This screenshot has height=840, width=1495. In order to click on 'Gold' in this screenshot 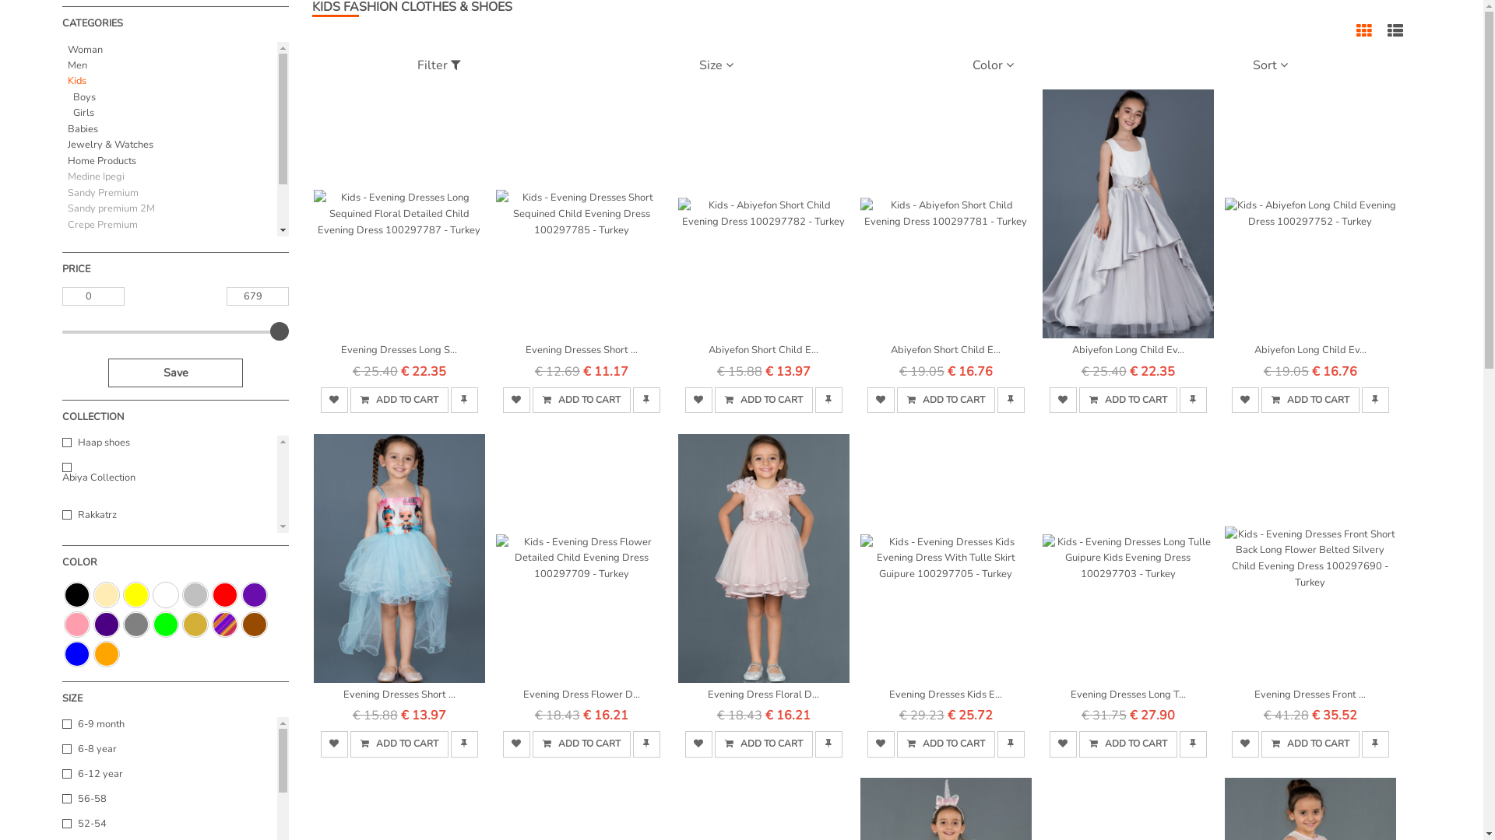, I will do `click(194, 623)`.